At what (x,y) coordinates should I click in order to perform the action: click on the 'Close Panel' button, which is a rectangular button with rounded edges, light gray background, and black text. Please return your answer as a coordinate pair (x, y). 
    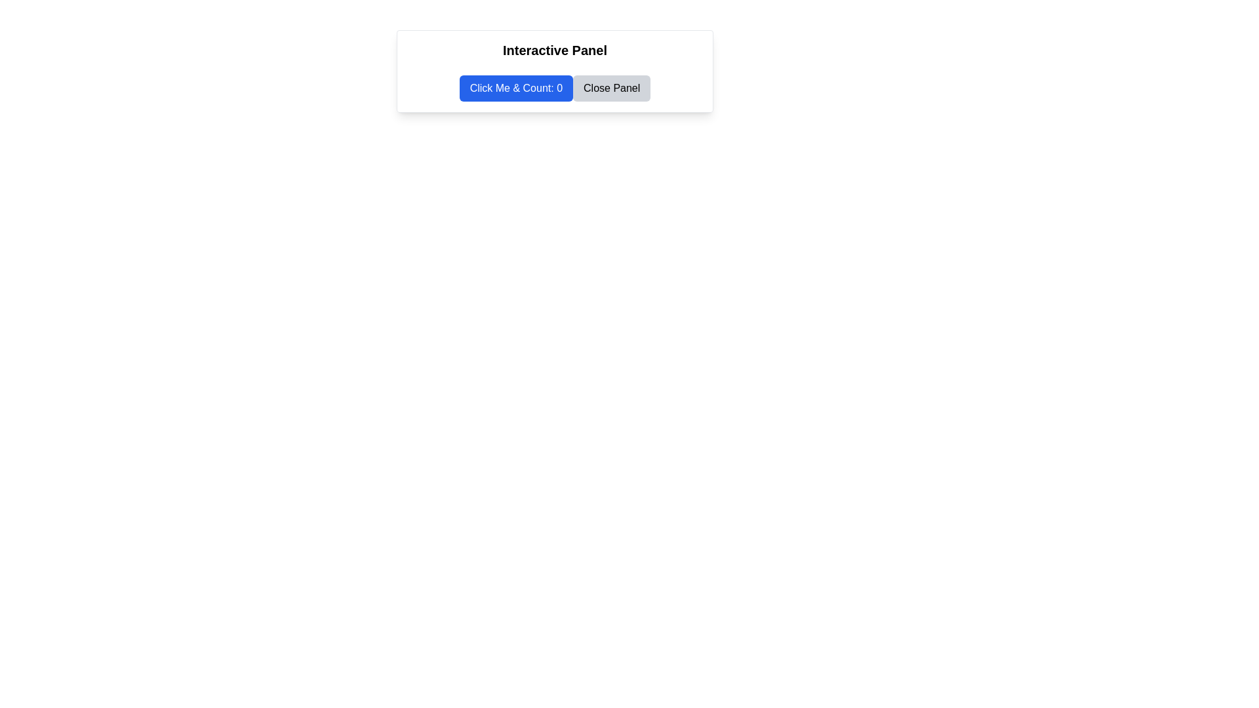
    Looking at the image, I should click on (611, 88).